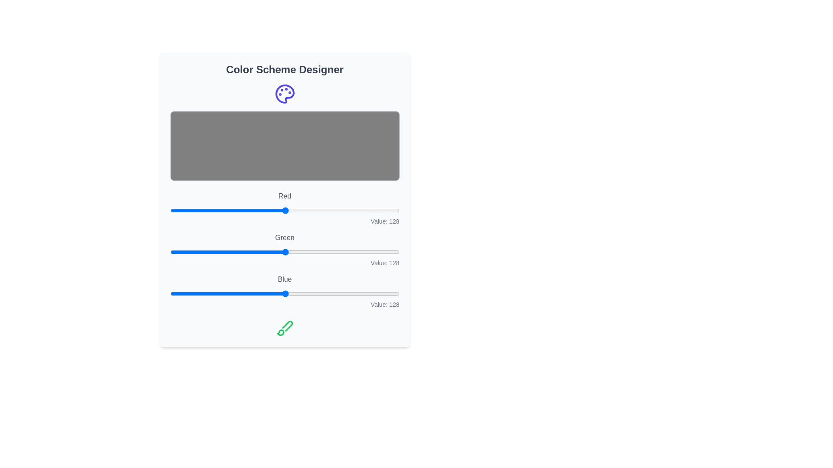  What do you see at coordinates (216, 211) in the screenshot?
I see `the red component intensity` at bounding box center [216, 211].